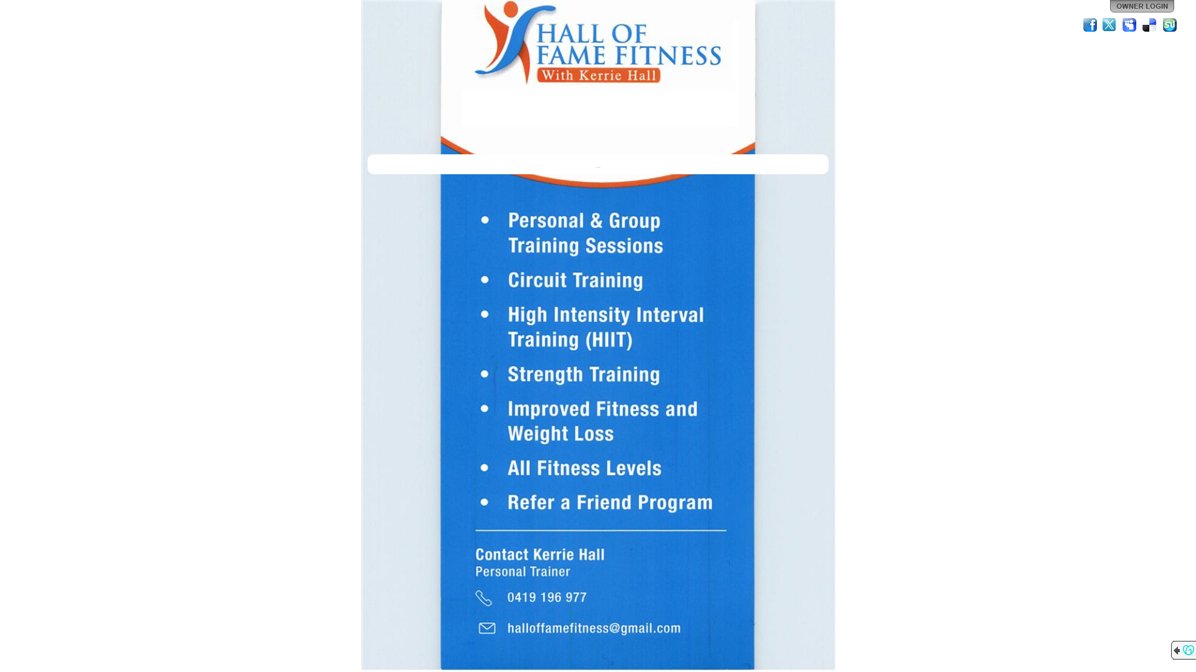 The image size is (1196, 672). What do you see at coordinates (1109, 24) in the screenshot?
I see `'Twitter'` at bounding box center [1109, 24].